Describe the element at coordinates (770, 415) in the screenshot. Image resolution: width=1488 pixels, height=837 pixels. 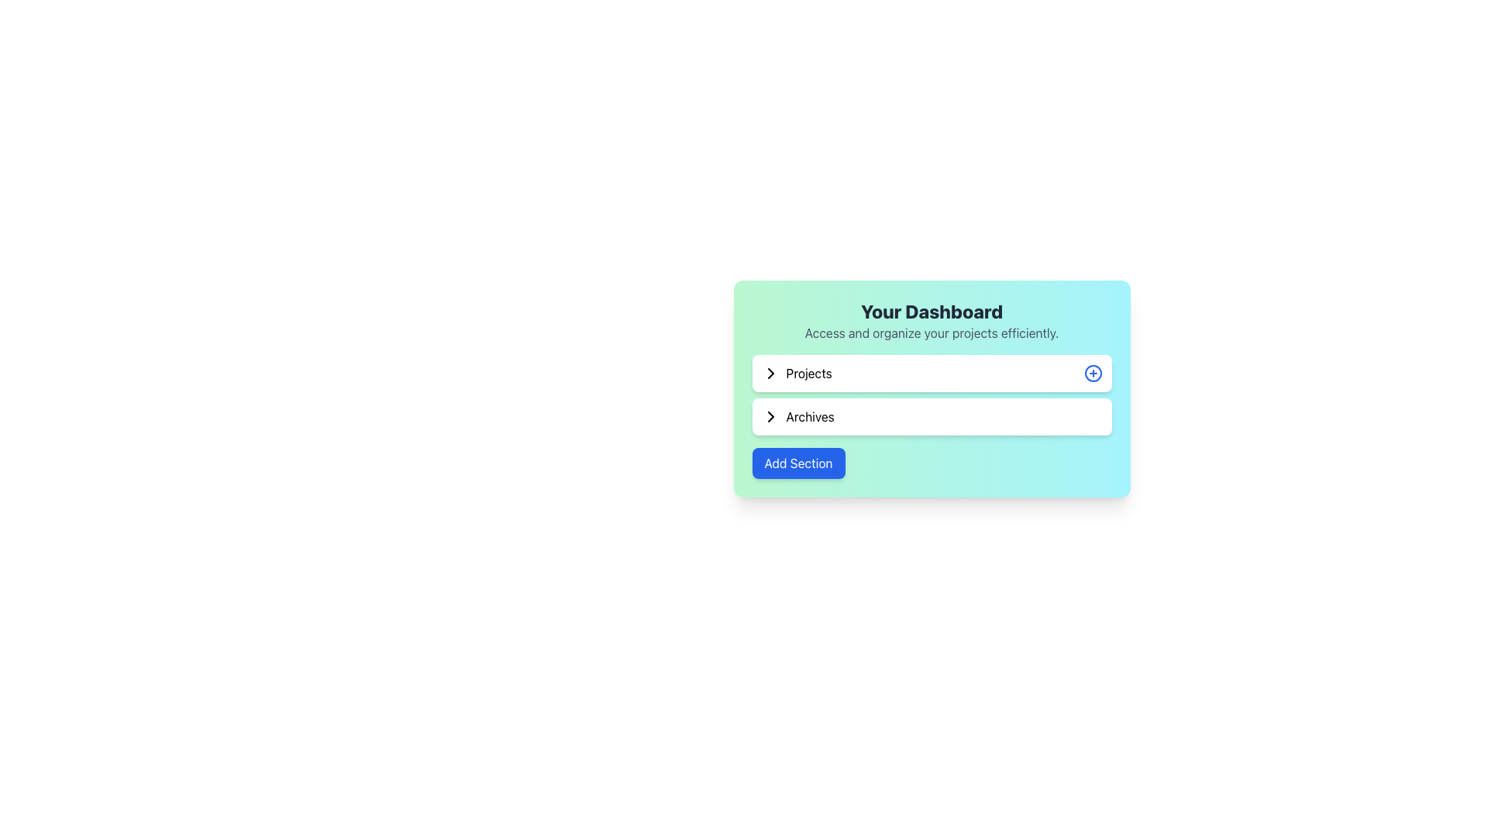
I see `the chevron icon` at that location.